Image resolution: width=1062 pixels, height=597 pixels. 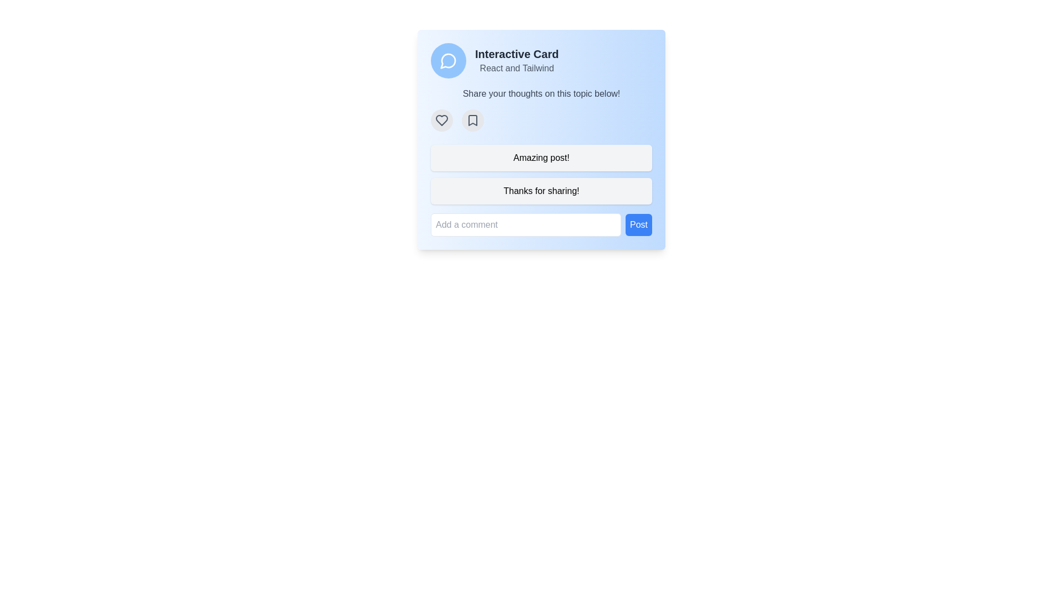 What do you see at coordinates (472, 121) in the screenshot?
I see `the bookmark icon located within a circular button on the left side of the blue card's top area to bookmark` at bounding box center [472, 121].